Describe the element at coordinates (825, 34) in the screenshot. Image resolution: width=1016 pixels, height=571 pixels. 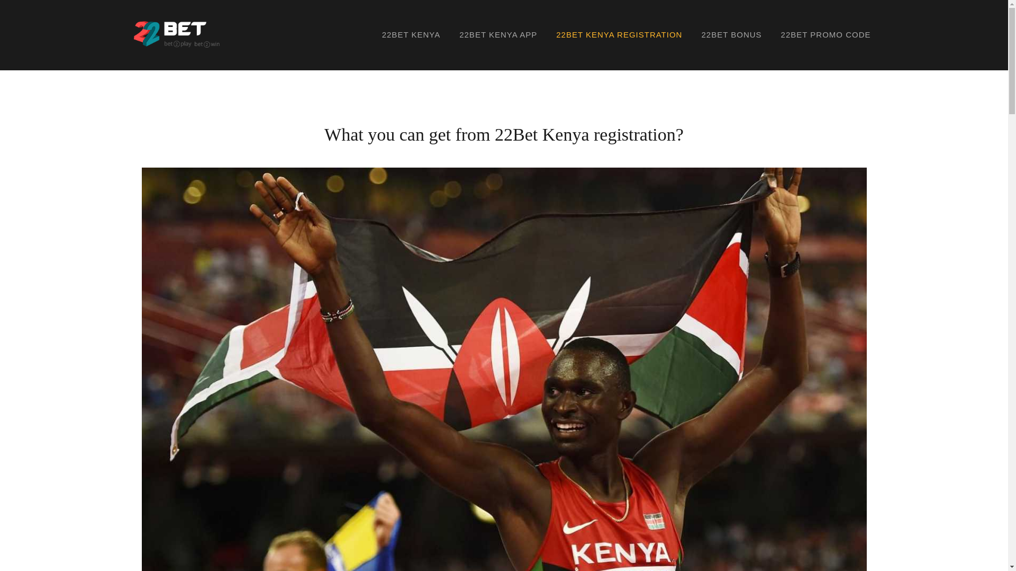
I see `'22BET PROMO CODE'` at that location.